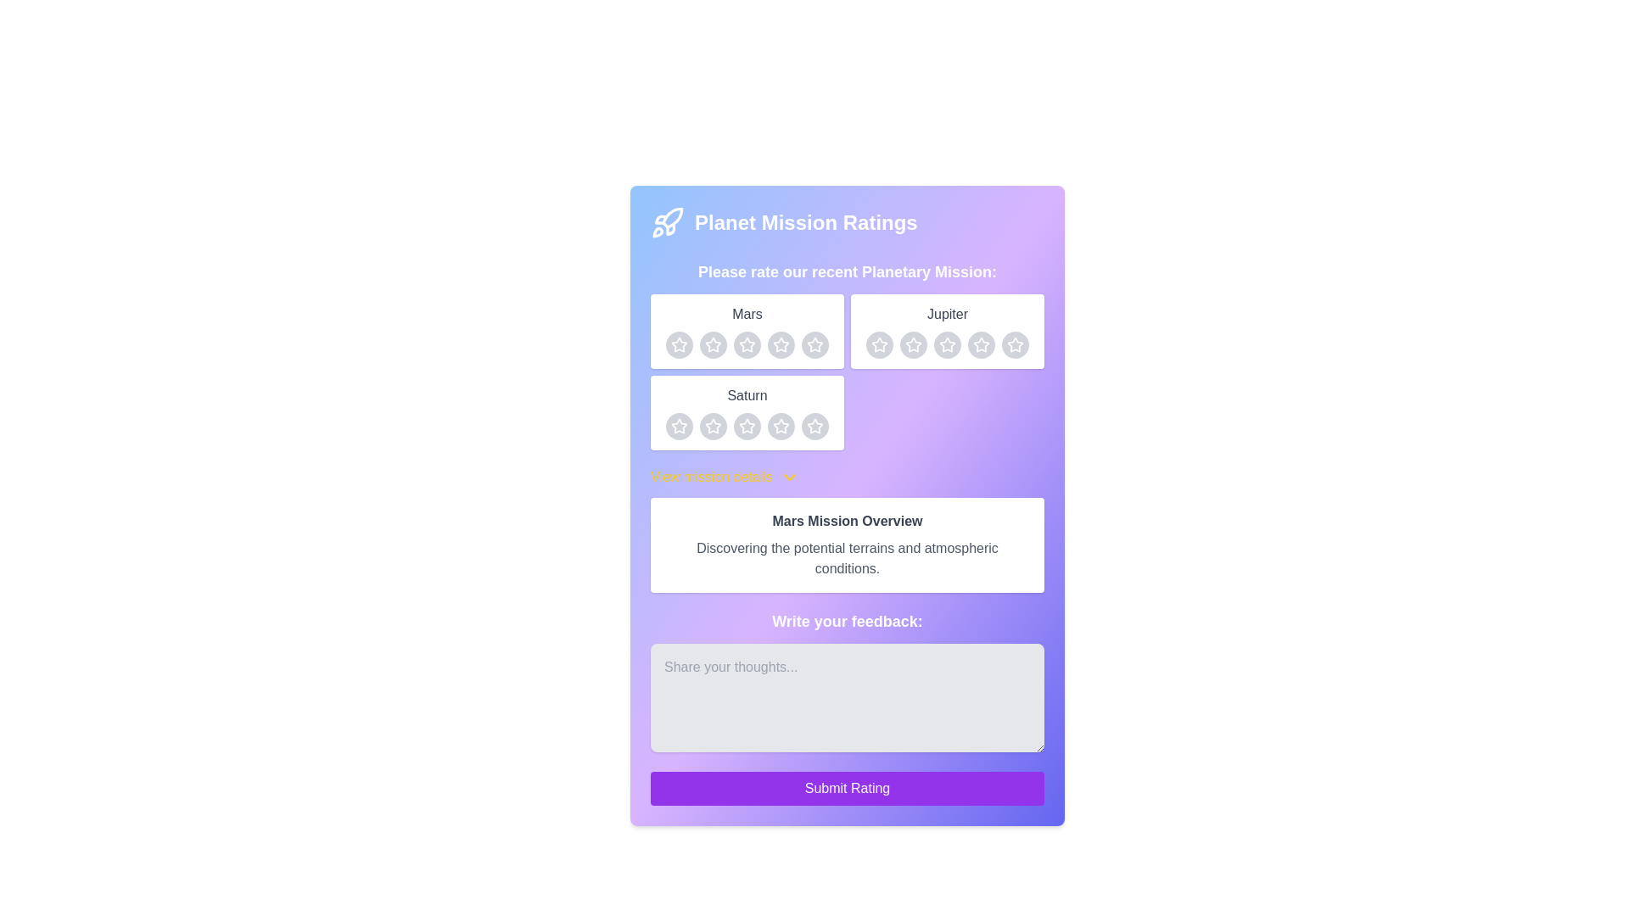  What do you see at coordinates (911, 343) in the screenshot?
I see `the third star icon` at bounding box center [911, 343].